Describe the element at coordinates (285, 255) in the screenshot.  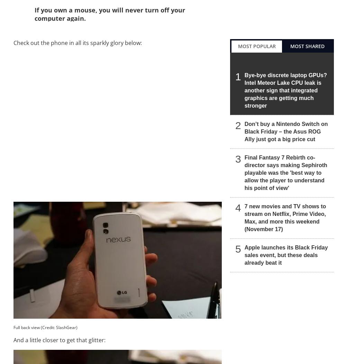
I see `'Apple launches its Black Friday sales event, but these deals already beat it'` at that location.